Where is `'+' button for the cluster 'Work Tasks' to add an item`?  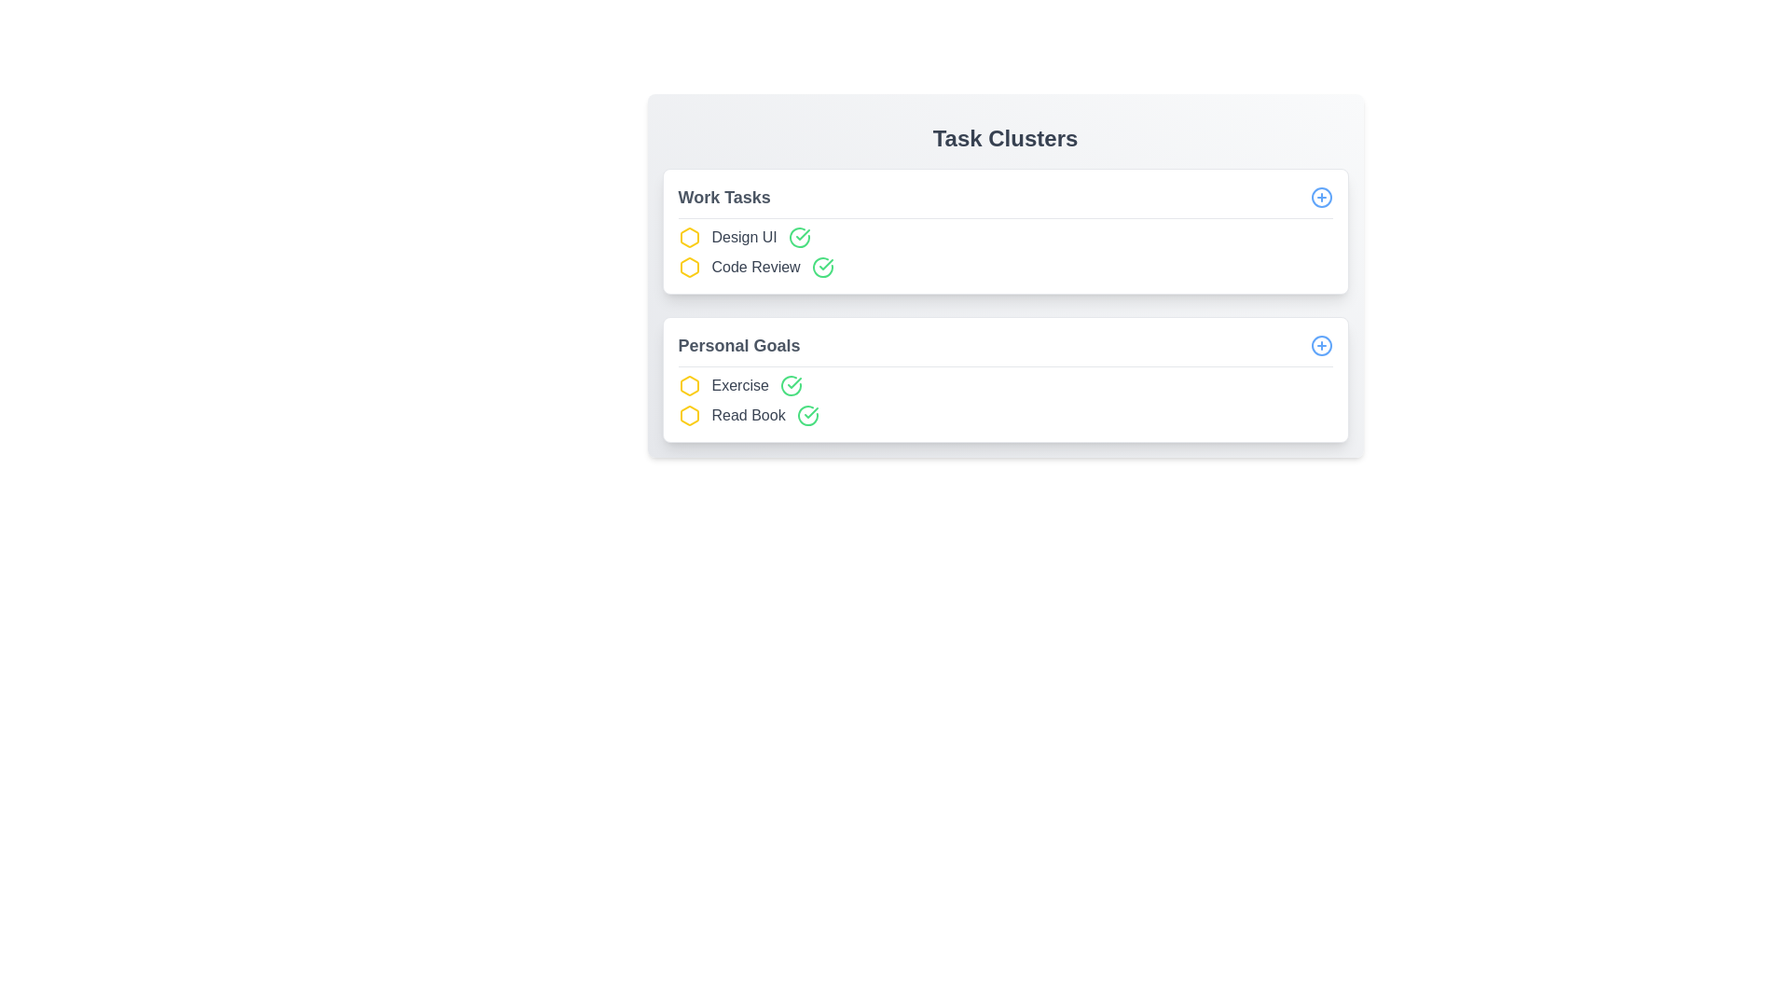 '+' button for the cluster 'Work Tasks' to add an item is located at coordinates (1320, 198).